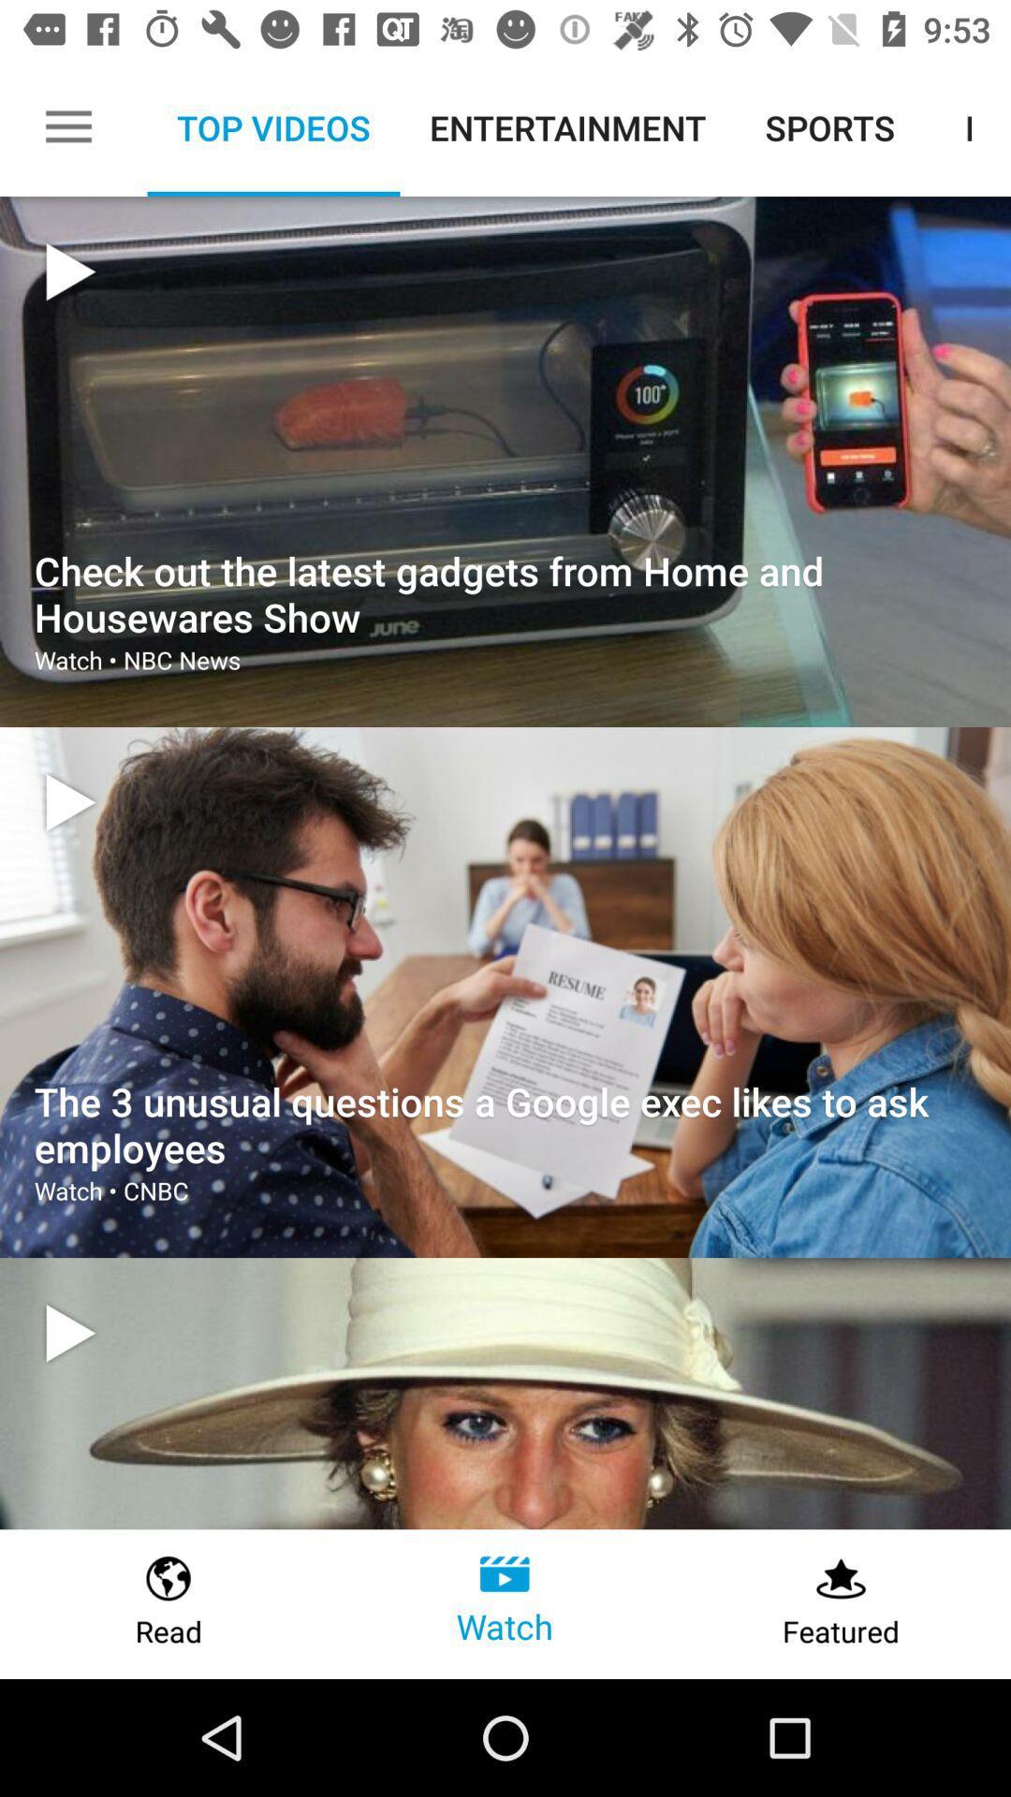 The width and height of the screenshot is (1011, 1797). Describe the element at coordinates (69, 1332) in the screenshot. I see `a video` at that location.